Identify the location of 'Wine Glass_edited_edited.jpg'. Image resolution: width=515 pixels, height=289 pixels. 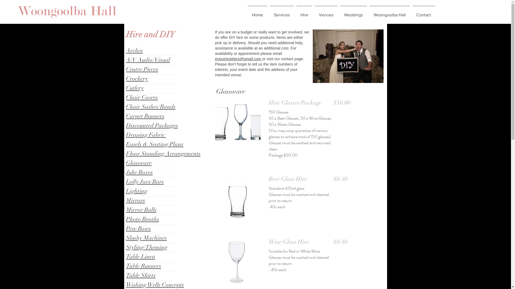
(238, 261).